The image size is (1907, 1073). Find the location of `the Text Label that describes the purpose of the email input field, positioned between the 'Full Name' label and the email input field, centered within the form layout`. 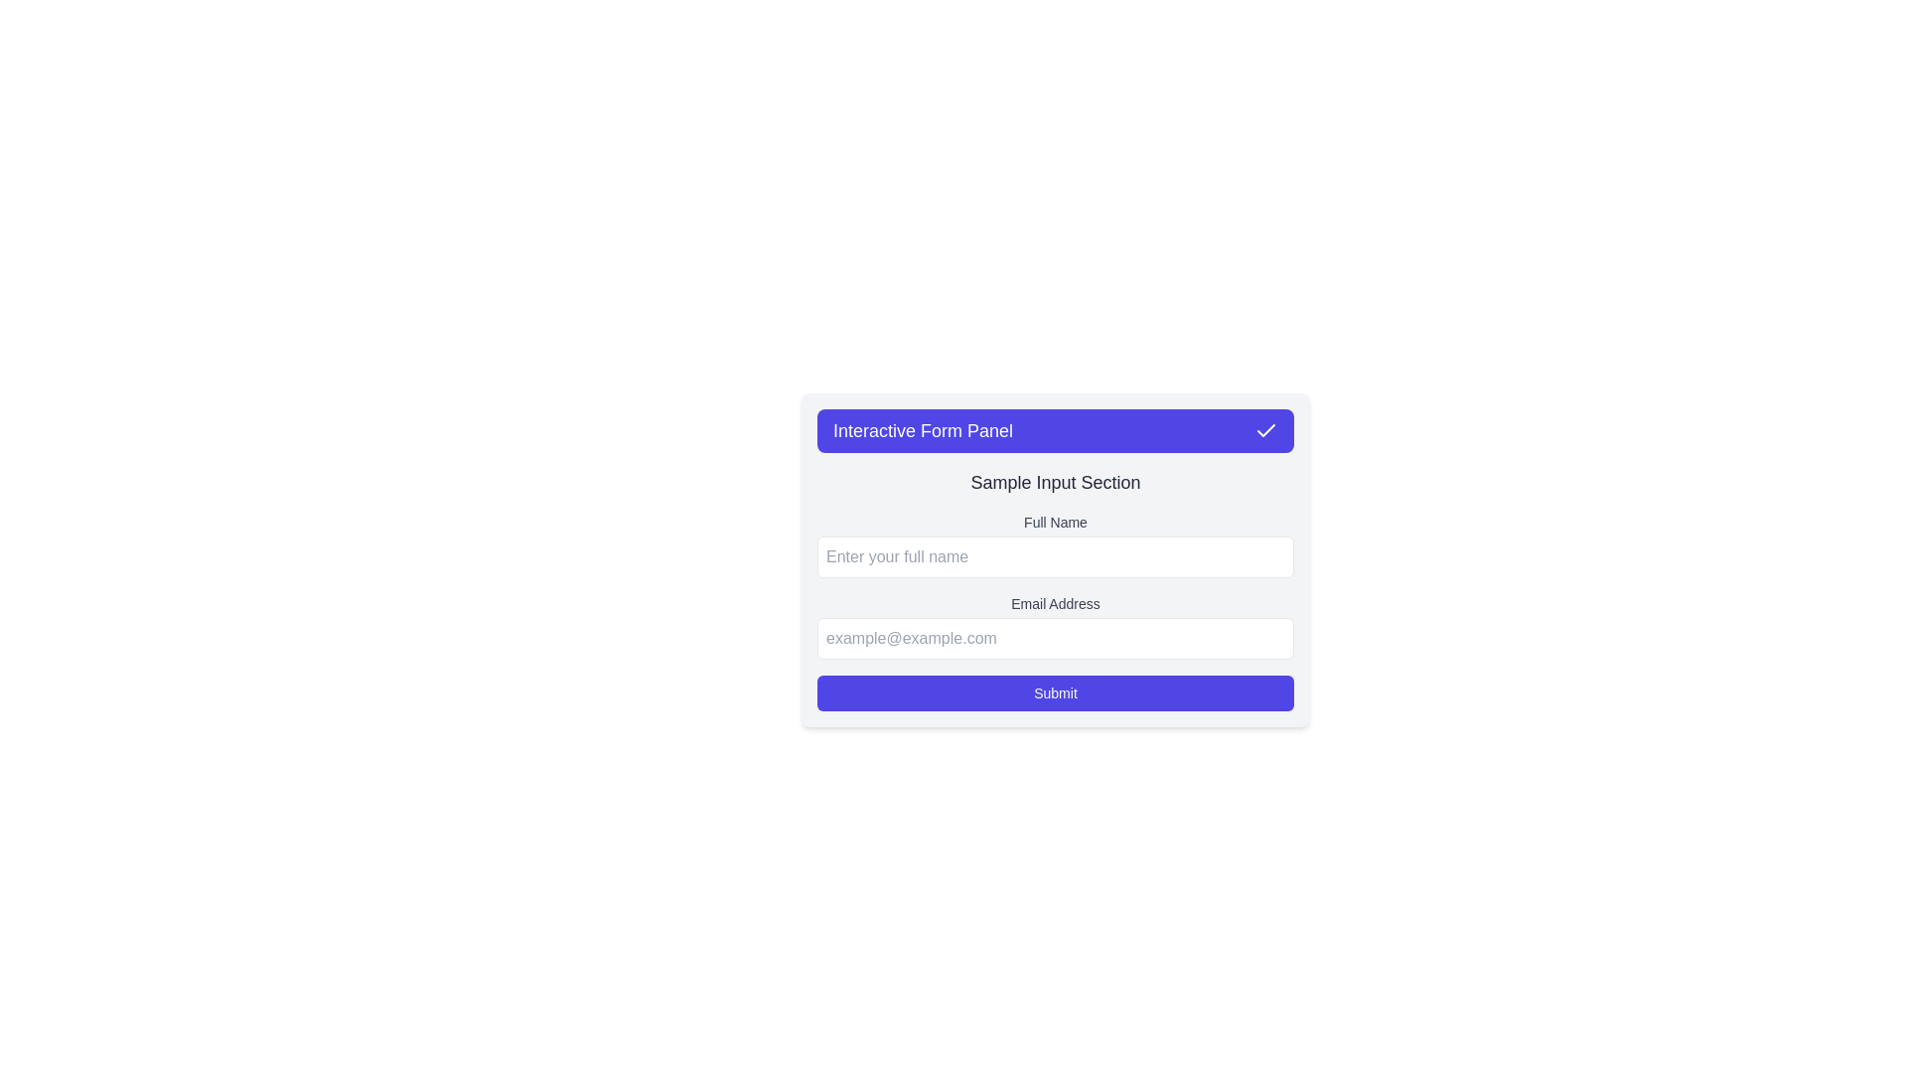

the Text Label that describes the purpose of the email input field, positioned between the 'Full Name' label and the email input field, centered within the form layout is located at coordinates (1054, 603).